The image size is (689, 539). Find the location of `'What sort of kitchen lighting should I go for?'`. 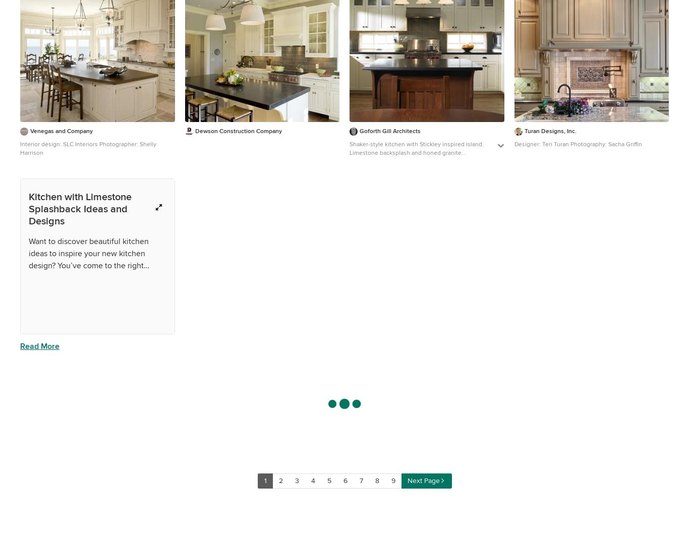

'What sort of kitchen lighting should I go for?' is located at coordinates (28, 450).